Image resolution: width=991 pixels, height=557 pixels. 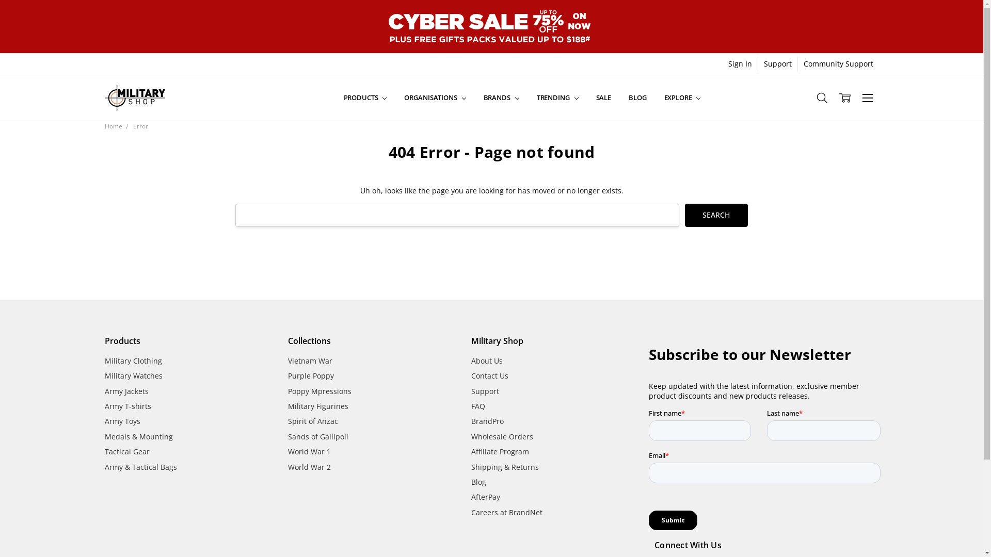 What do you see at coordinates (140, 125) in the screenshot?
I see `'Error'` at bounding box center [140, 125].